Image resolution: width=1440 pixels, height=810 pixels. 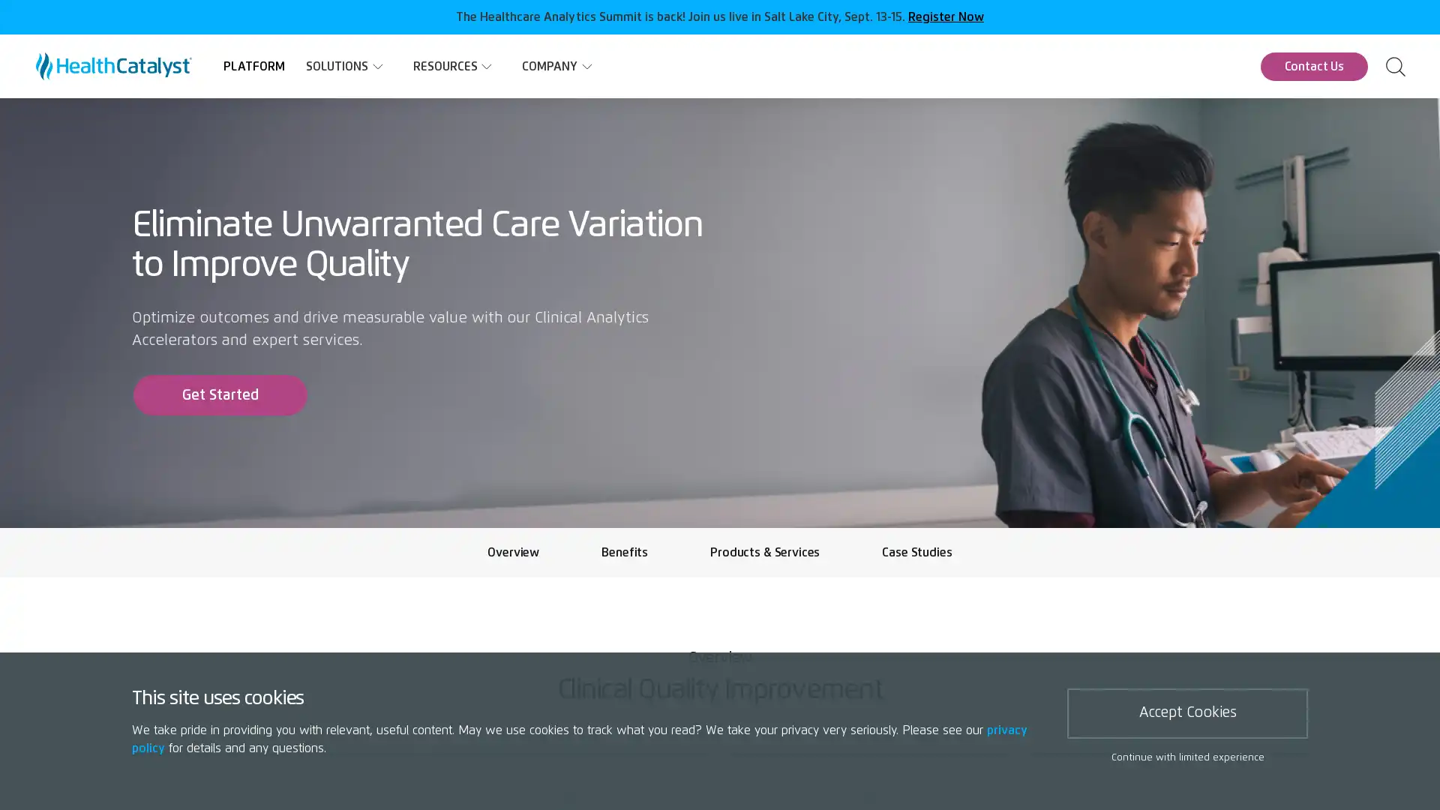 What do you see at coordinates (1186, 757) in the screenshot?
I see `Continue with limited experience` at bounding box center [1186, 757].